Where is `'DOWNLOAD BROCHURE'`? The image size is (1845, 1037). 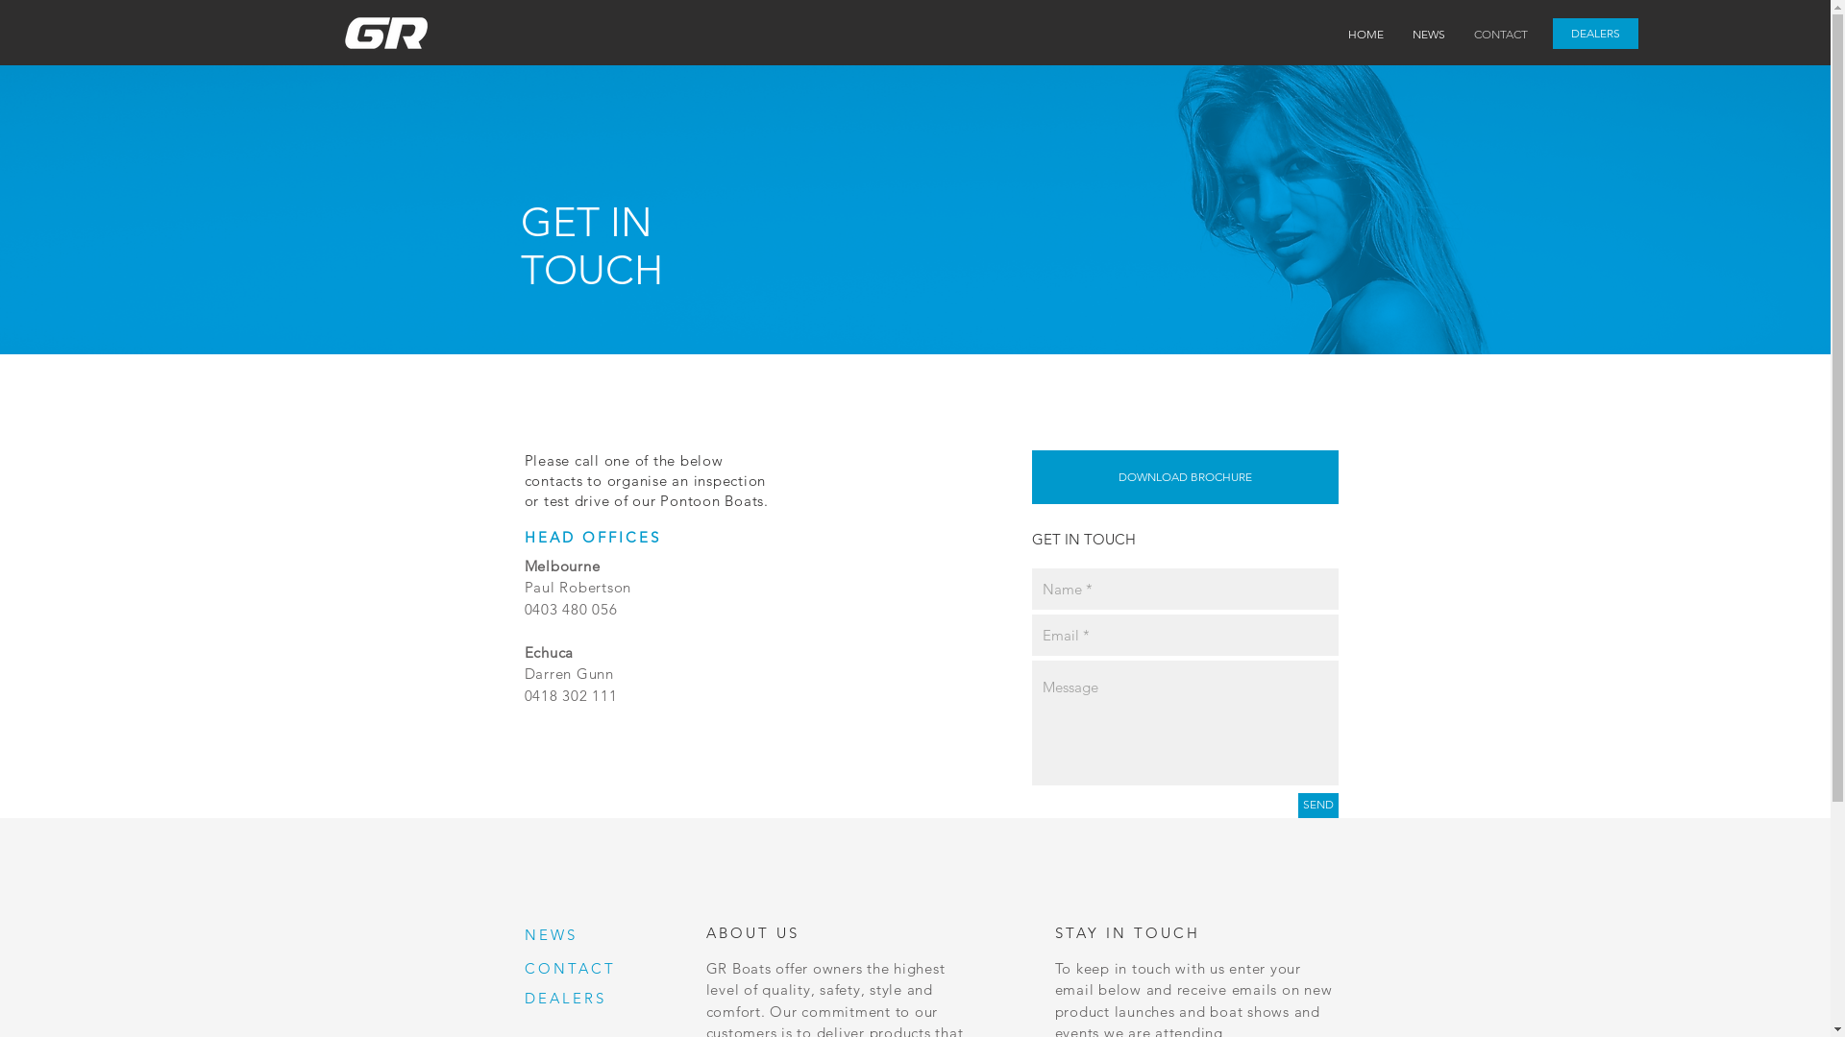
'DOWNLOAD BROCHURE' is located at coordinates (1184, 476).